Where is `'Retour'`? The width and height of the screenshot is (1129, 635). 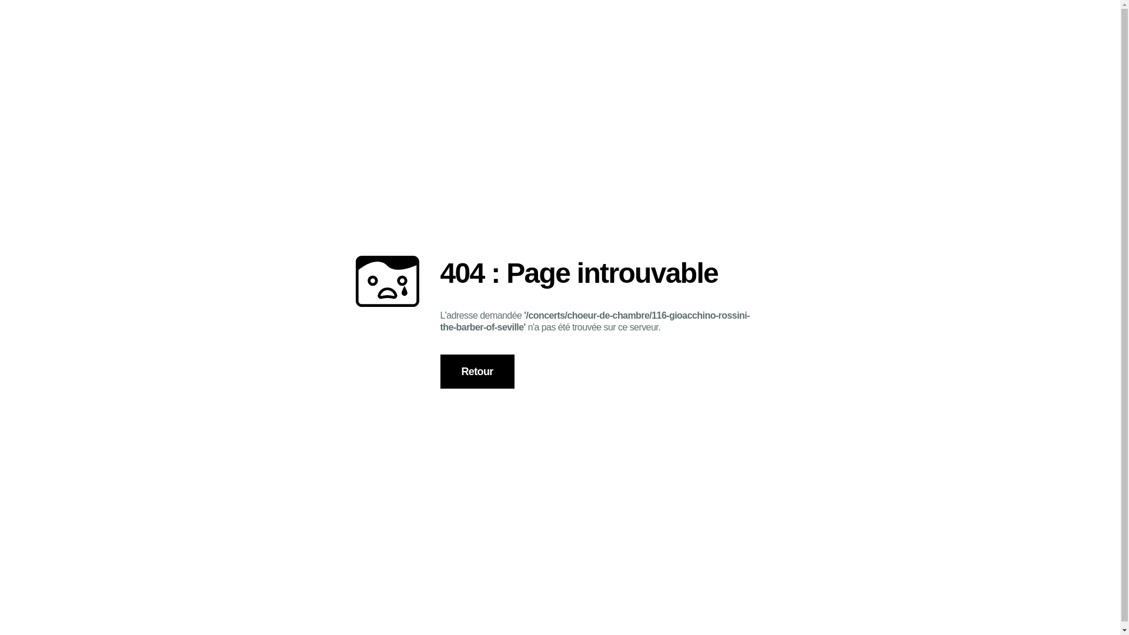 'Retour' is located at coordinates (477, 372).